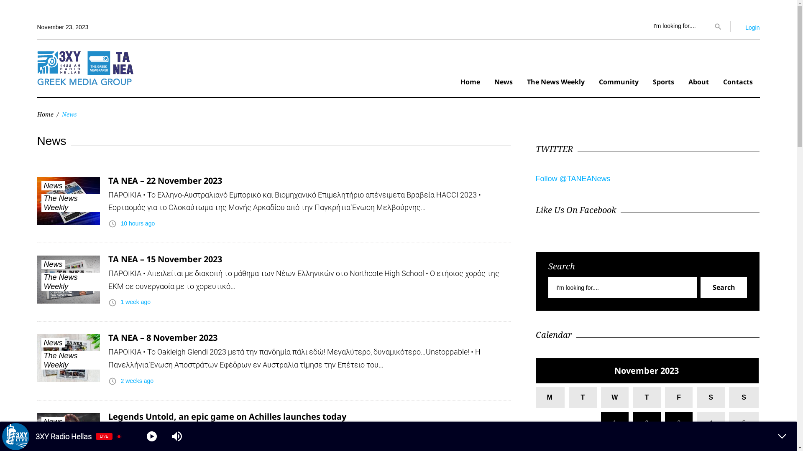  Describe the element at coordinates (717, 25) in the screenshot. I see `'search'` at that location.